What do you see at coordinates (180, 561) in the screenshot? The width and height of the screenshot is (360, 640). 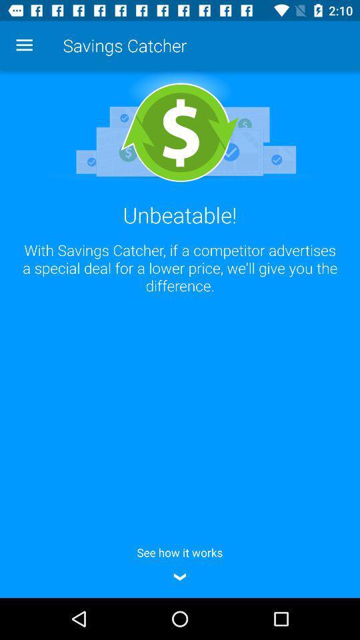 I see `icon below with savings catcher` at bounding box center [180, 561].